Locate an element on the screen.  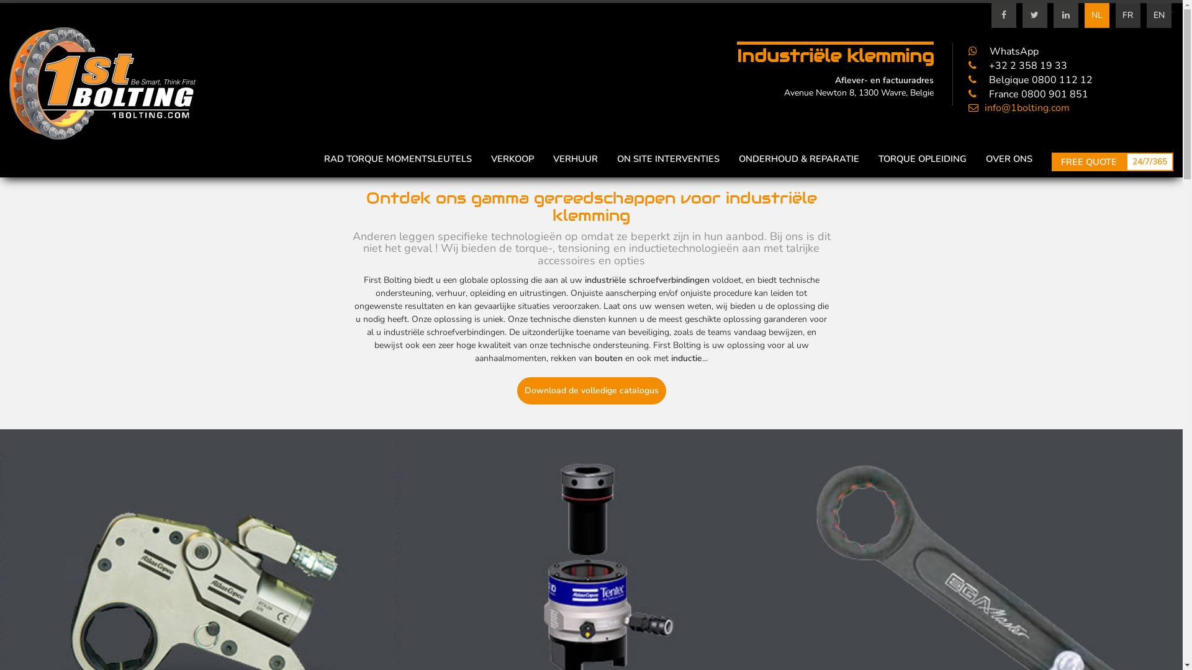
'NL' is located at coordinates (1096, 15).